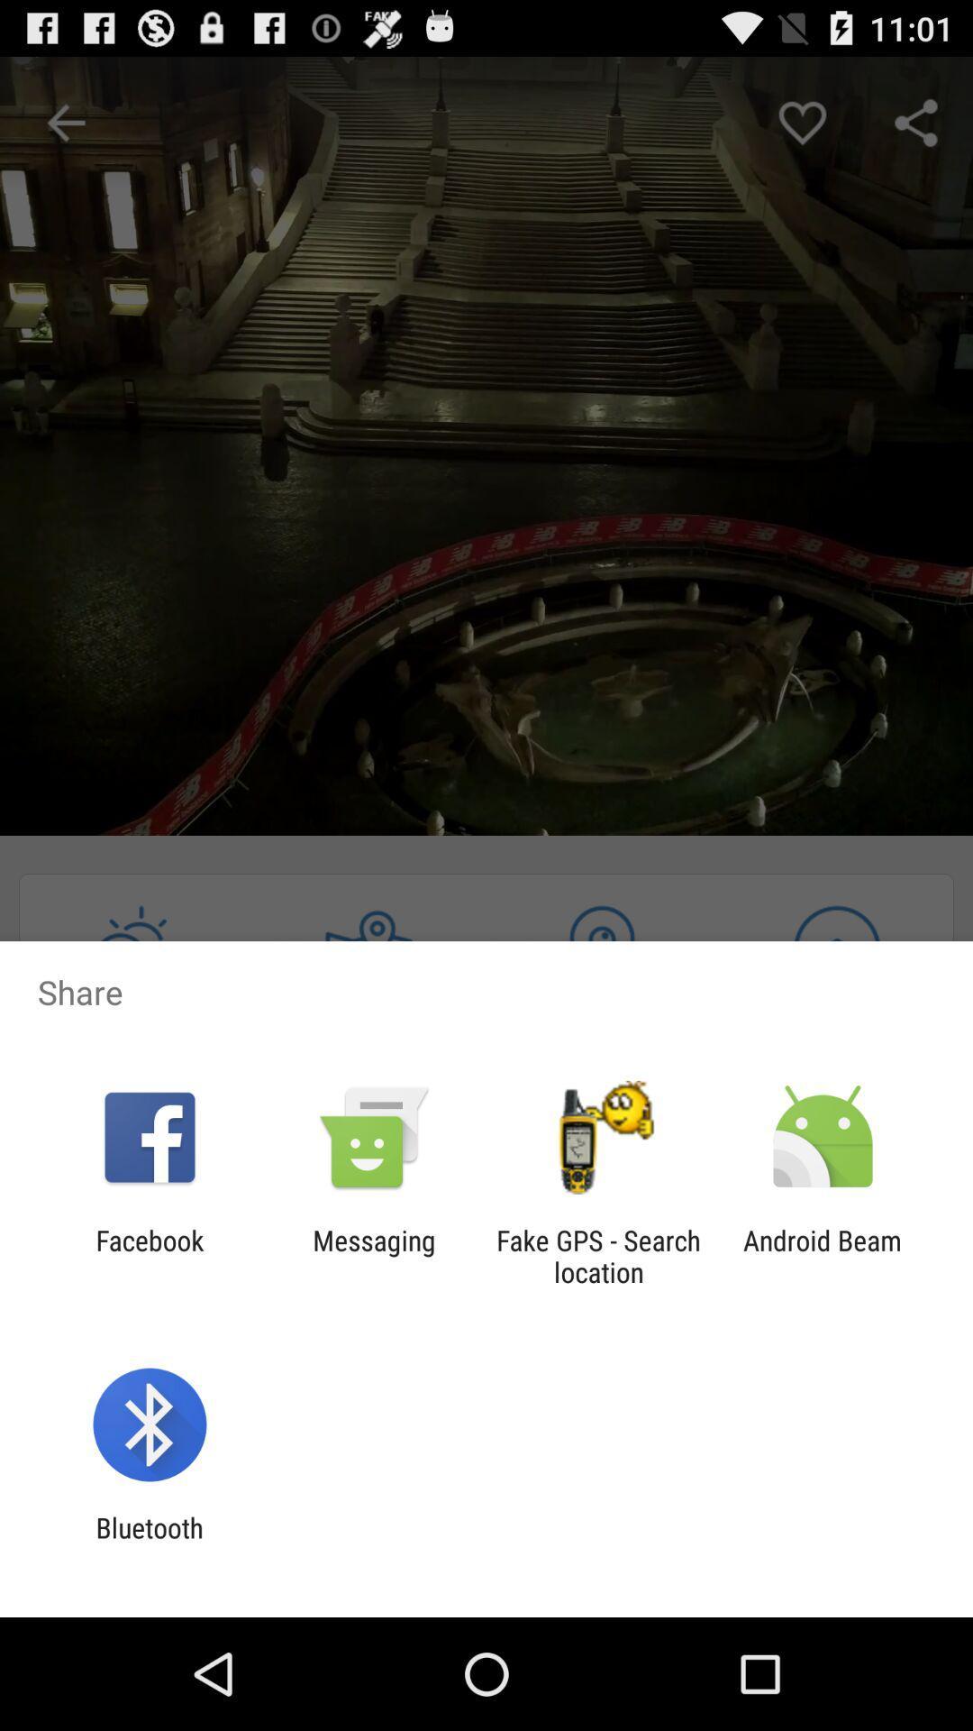 The height and width of the screenshot is (1731, 973). What do you see at coordinates (149, 1543) in the screenshot?
I see `bluetooth app` at bounding box center [149, 1543].